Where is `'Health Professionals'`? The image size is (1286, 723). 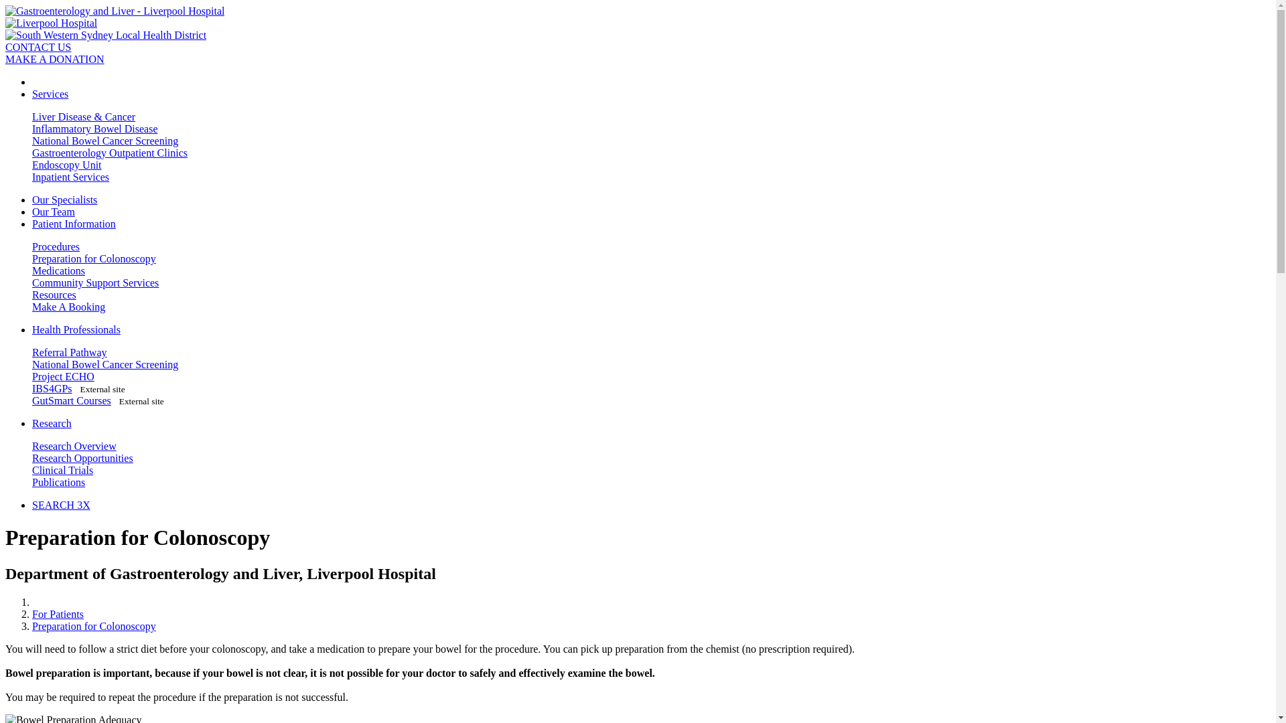 'Health Professionals' is located at coordinates (32, 329).